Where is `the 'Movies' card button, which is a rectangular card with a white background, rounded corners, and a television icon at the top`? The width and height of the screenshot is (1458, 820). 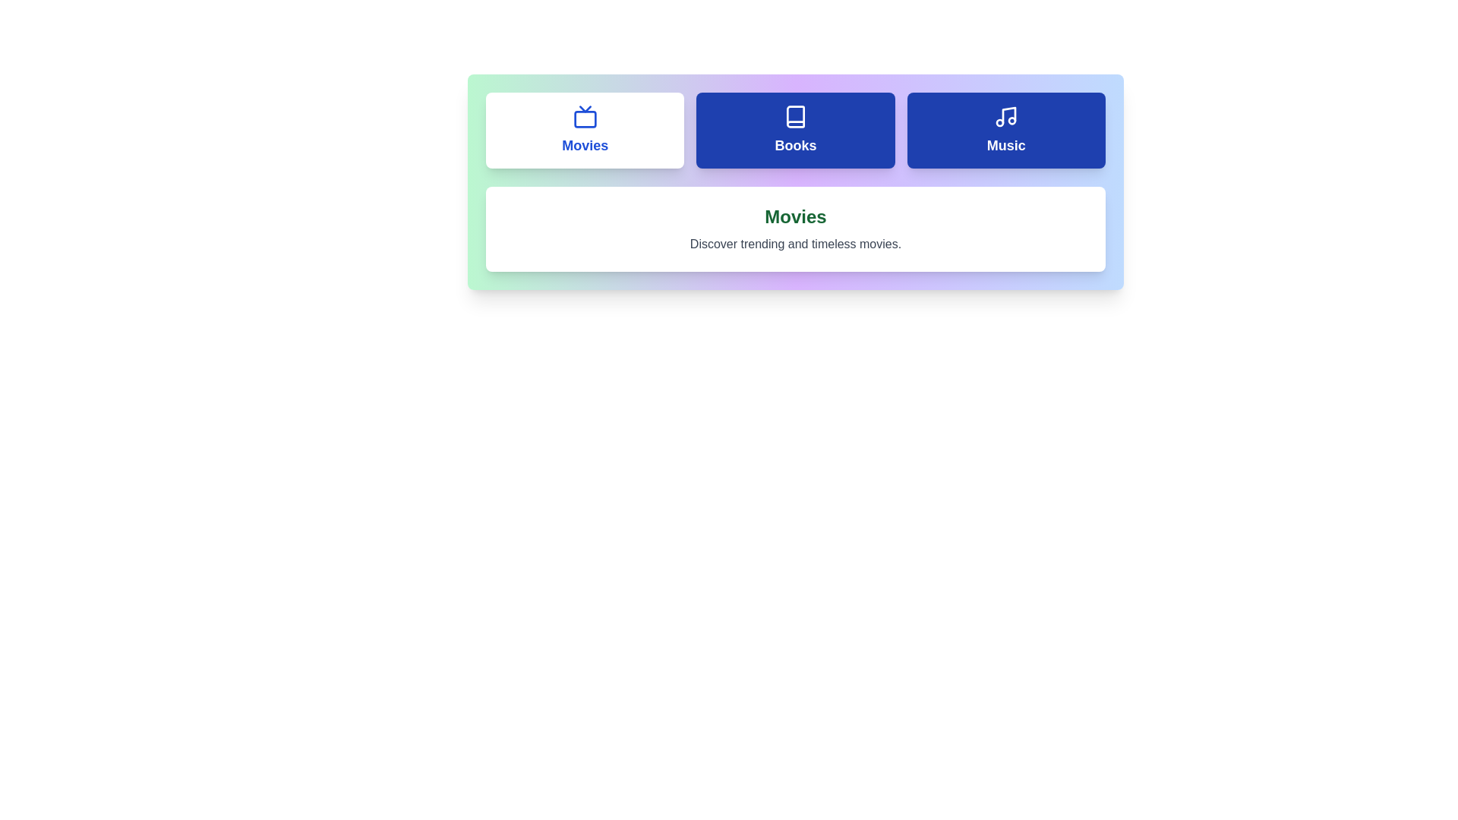
the 'Movies' card button, which is a rectangular card with a white background, rounded corners, and a television icon at the top is located at coordinates (584, 130).